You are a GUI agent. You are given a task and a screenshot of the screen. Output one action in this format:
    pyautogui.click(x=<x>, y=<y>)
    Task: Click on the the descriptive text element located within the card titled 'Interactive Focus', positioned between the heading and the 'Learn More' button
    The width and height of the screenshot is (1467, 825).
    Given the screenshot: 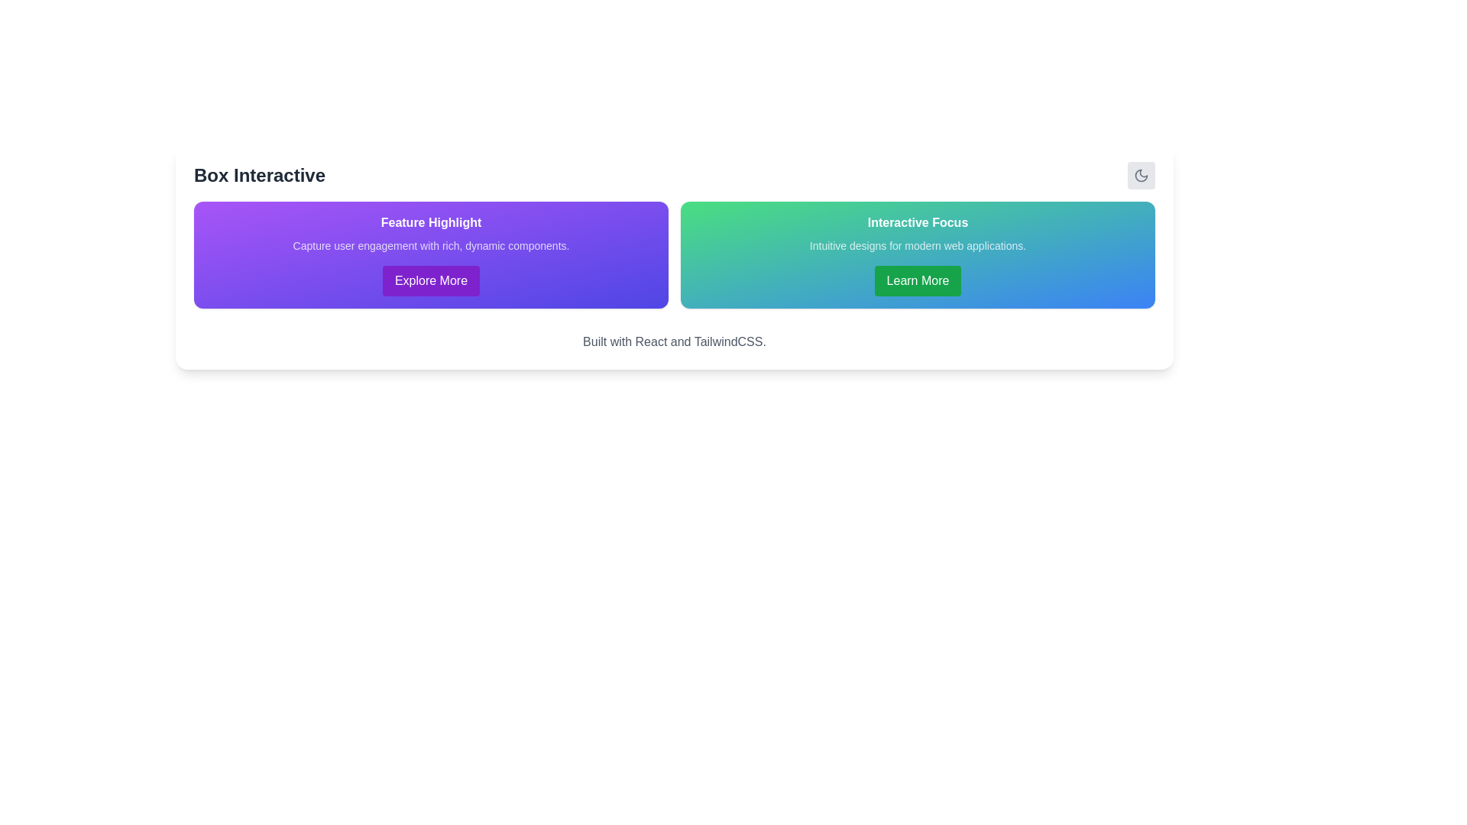 What is the action you would take?
    pyautogui.click(x=917, y=244)
    